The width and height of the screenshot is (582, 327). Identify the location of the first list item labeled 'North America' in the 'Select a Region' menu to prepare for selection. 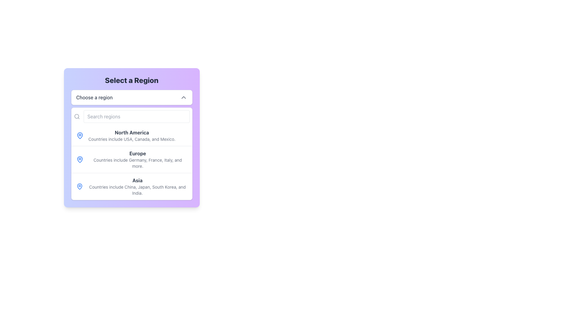
(131, 135).